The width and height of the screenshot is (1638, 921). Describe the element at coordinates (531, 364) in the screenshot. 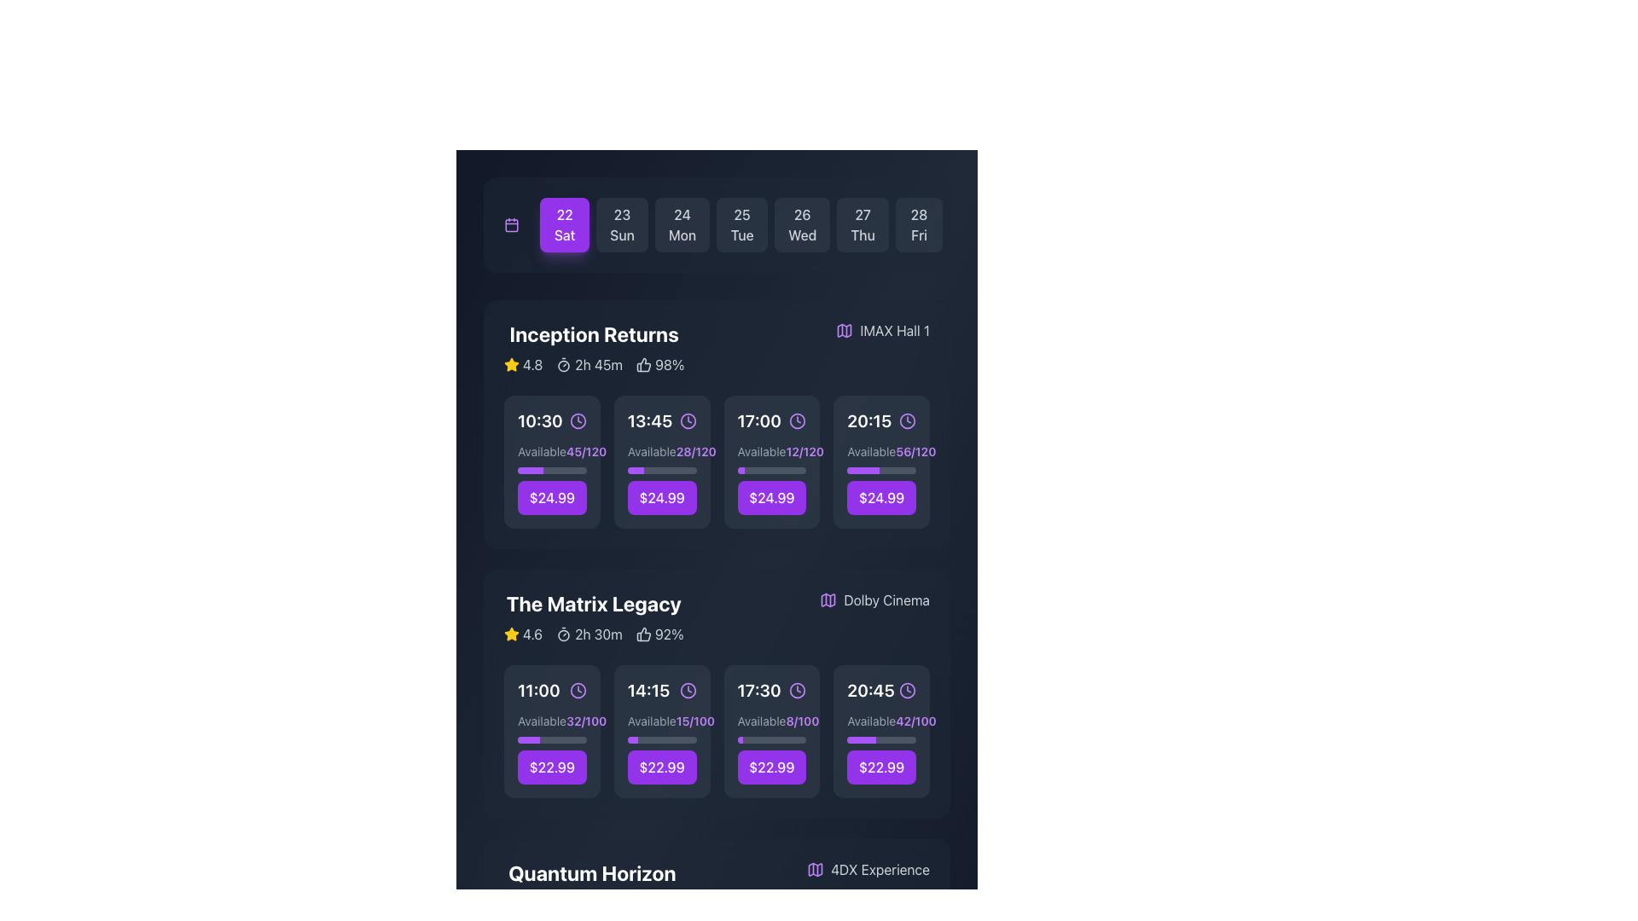

I see `rating score displayed in the text label located beside the yellow star icon for the movie 'Inception Returns', situated in the upper part of its section` at that location.